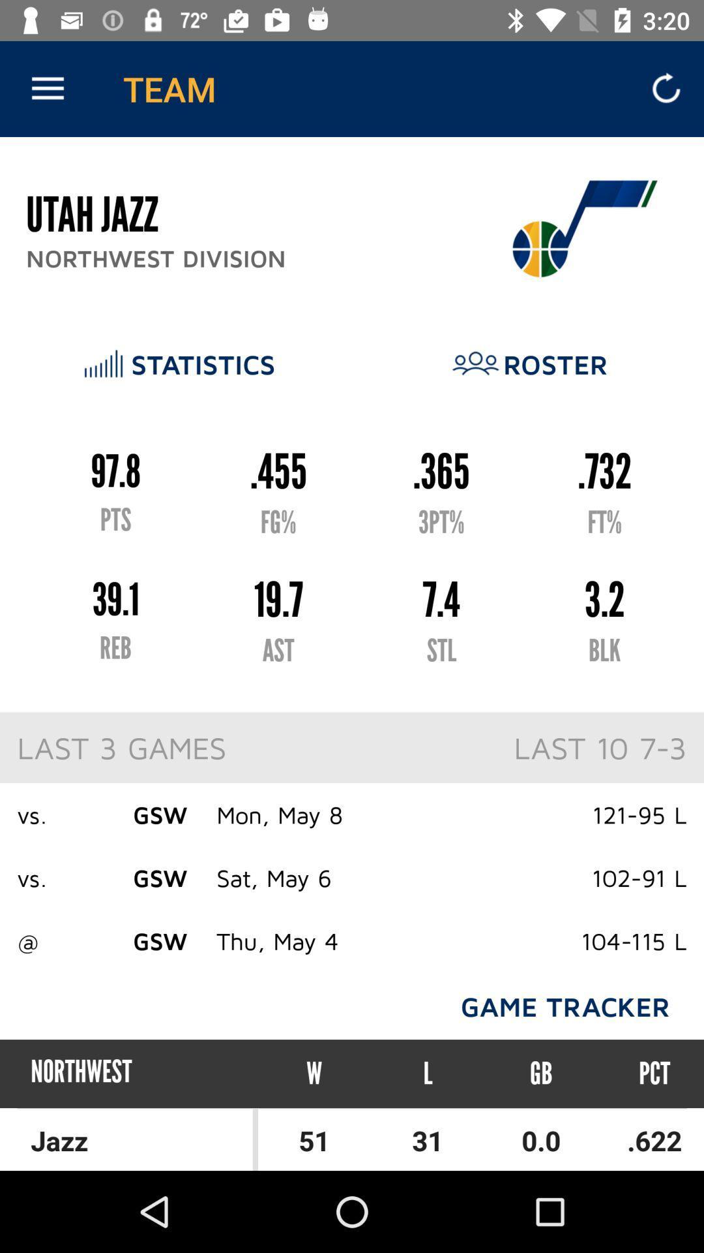 This screenshot has width=704, height=1253. I want to click on item below the thu, may 4, so click(314, 1074).